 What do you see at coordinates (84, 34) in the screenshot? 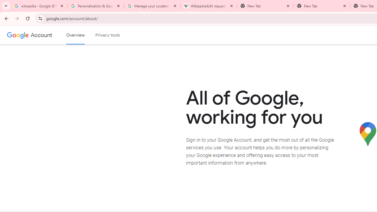
I see `'Skip to Content'` at bounding box center [84, 34].